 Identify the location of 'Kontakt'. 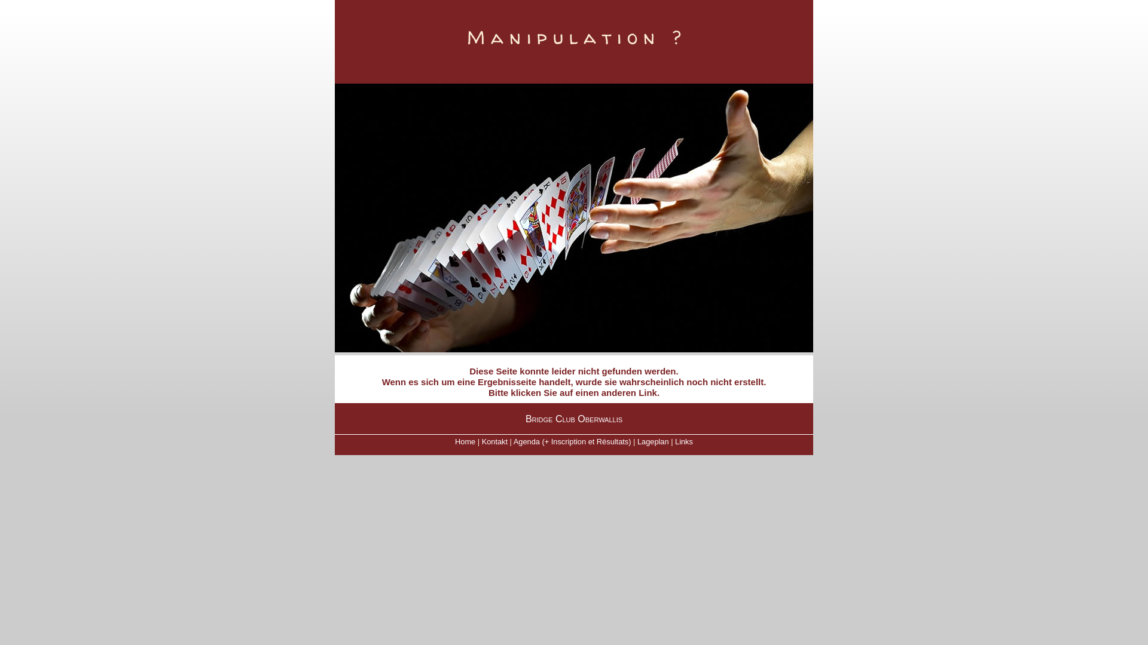
(494, 441).